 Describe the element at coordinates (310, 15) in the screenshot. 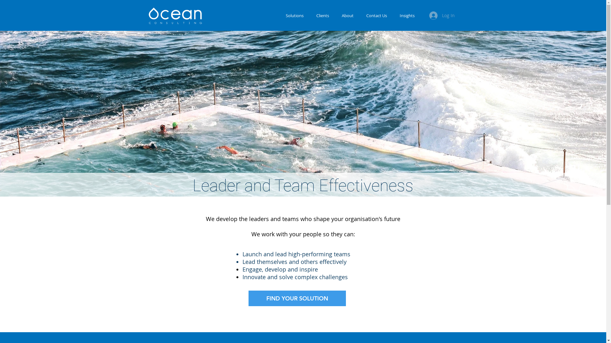

I see `'Clients'` at that location.